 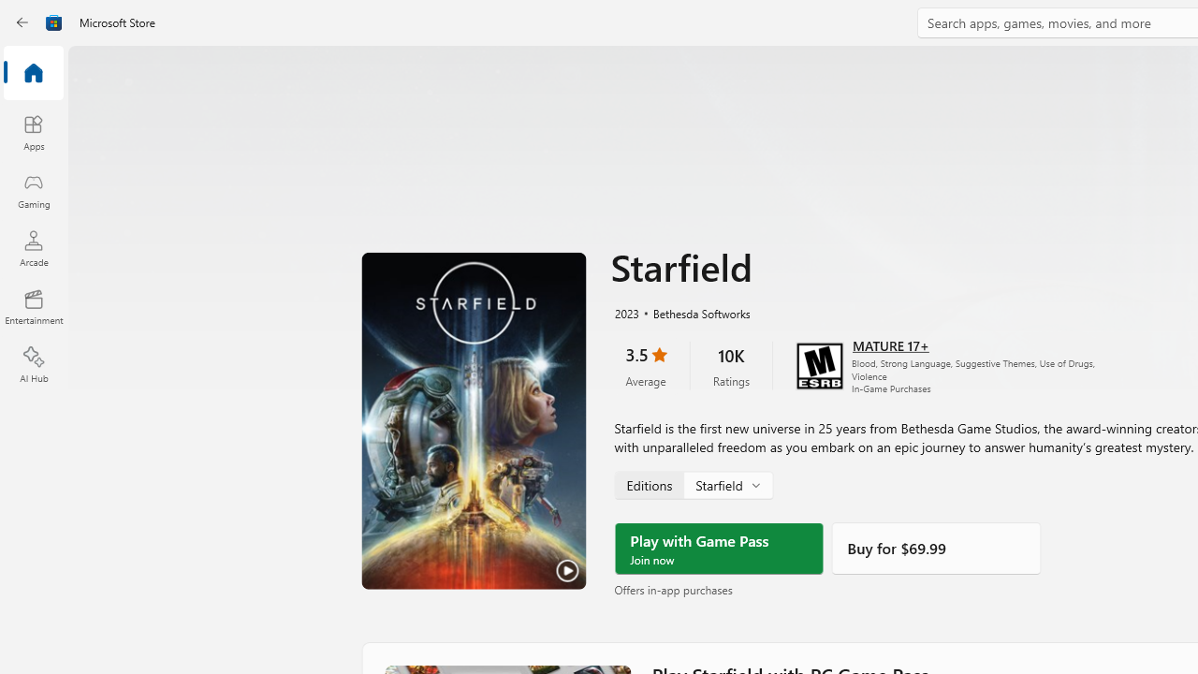 What do you see at coordinates (54, 22) in the screenshot?
I see `'Class: Image'` at bounding box center [54, 22].